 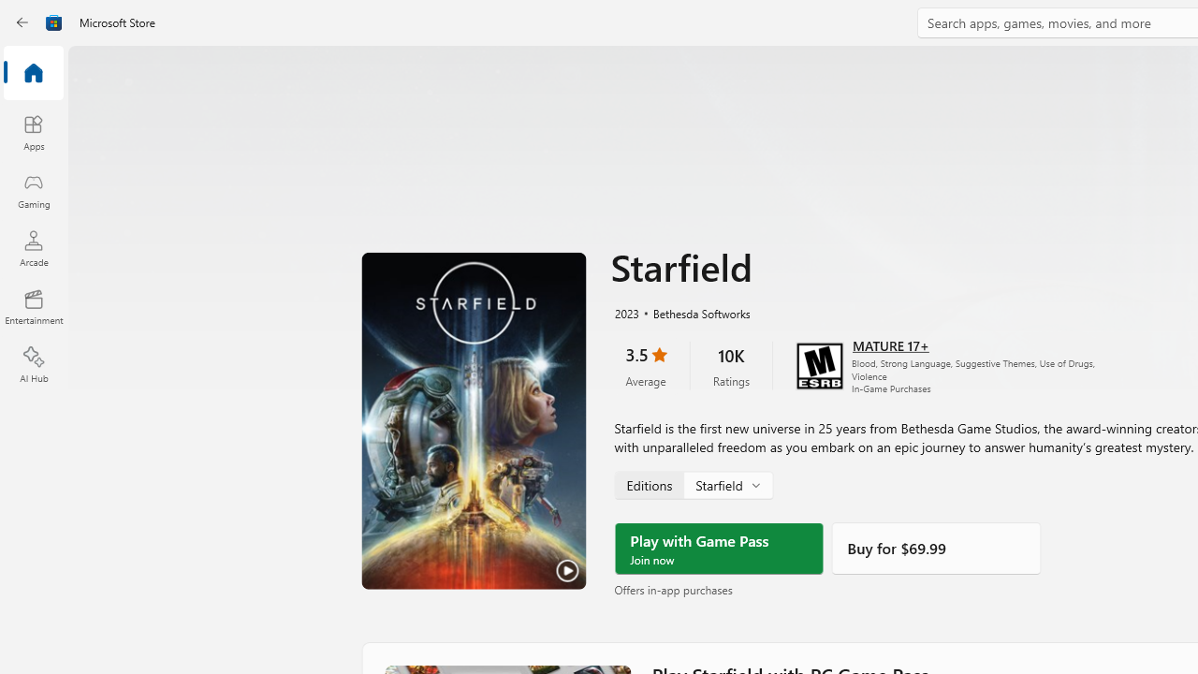 What do you see at coordinates (54, 22) in the screenshot?
I see `'Class: Image'` at bounding box center [54, 22].